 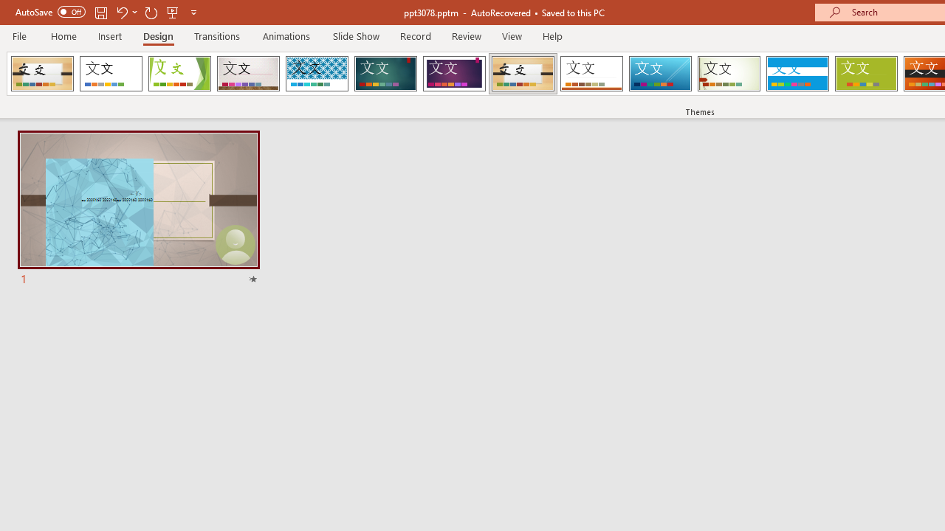 I want to click on 'Slice', so click(x=659, y=74).